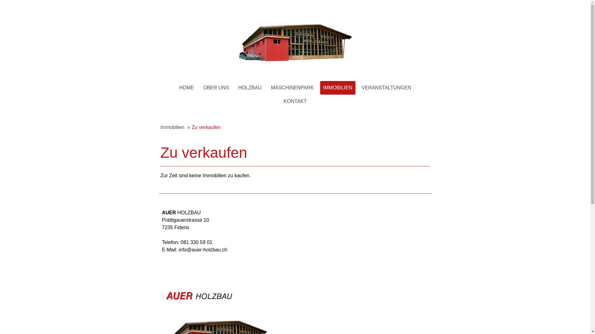  Describe the element at coordinates (292, 88) in the screenshot. I see `'MASCHINENPARK'` at that location.